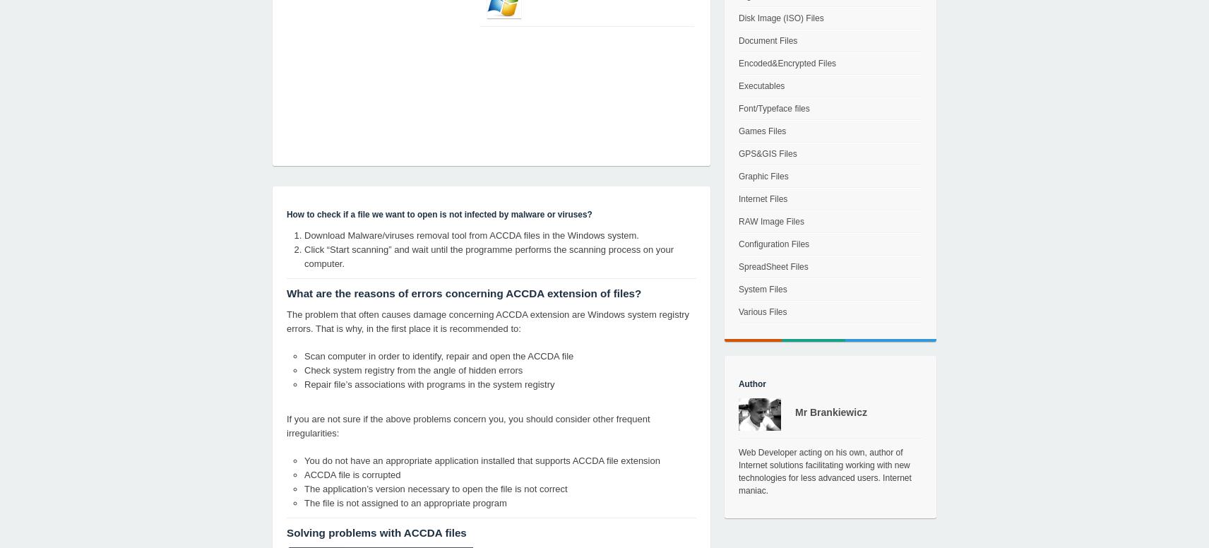  What do you see at coordinates (304, 355) in the screenshot?
I see `'Scan computer in order to identify, repair and open the ACCDA file'` at bounding box center [304, 355].